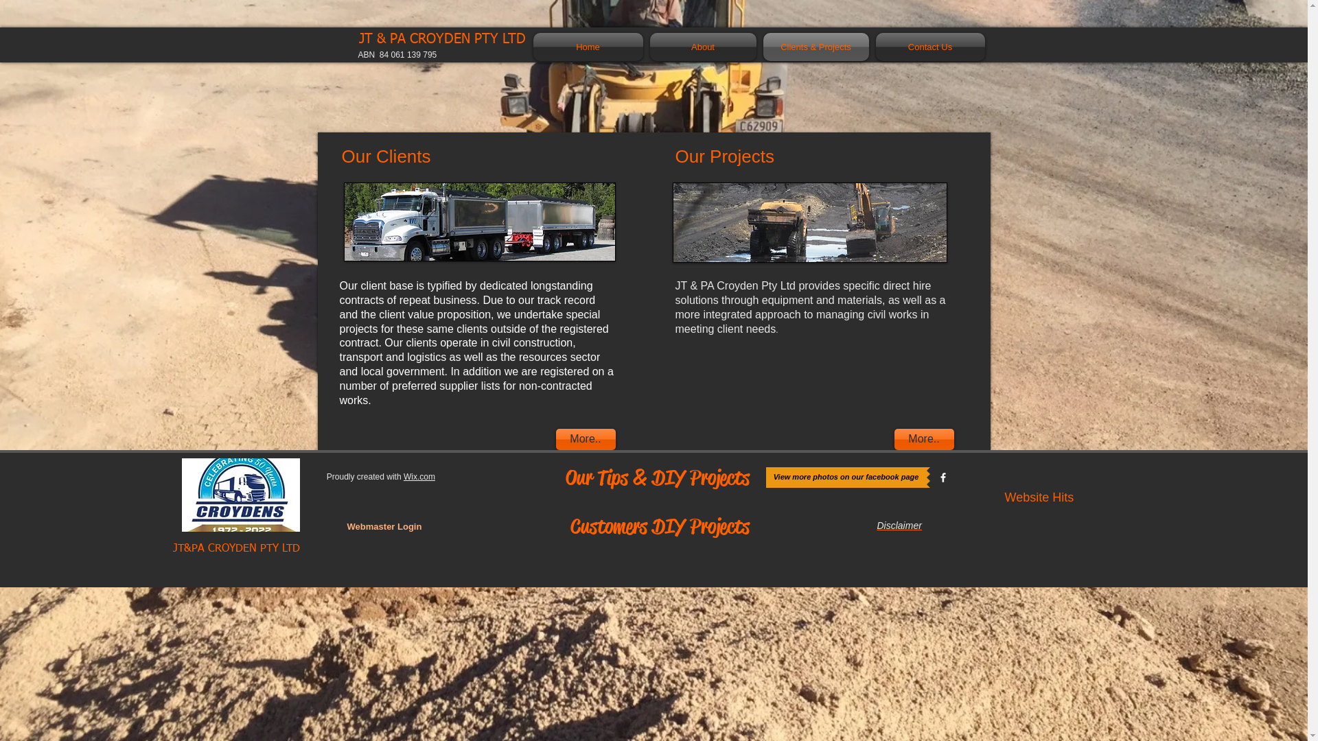  Describe the element at coordinates (589, 46) in the screenshot. I see `'Home'` at that location.